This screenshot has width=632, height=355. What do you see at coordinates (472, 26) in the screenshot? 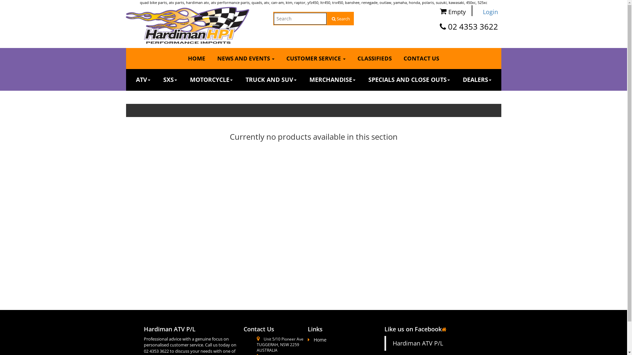
I see `'02 4353 3622'` at bounding box center [472, 26].